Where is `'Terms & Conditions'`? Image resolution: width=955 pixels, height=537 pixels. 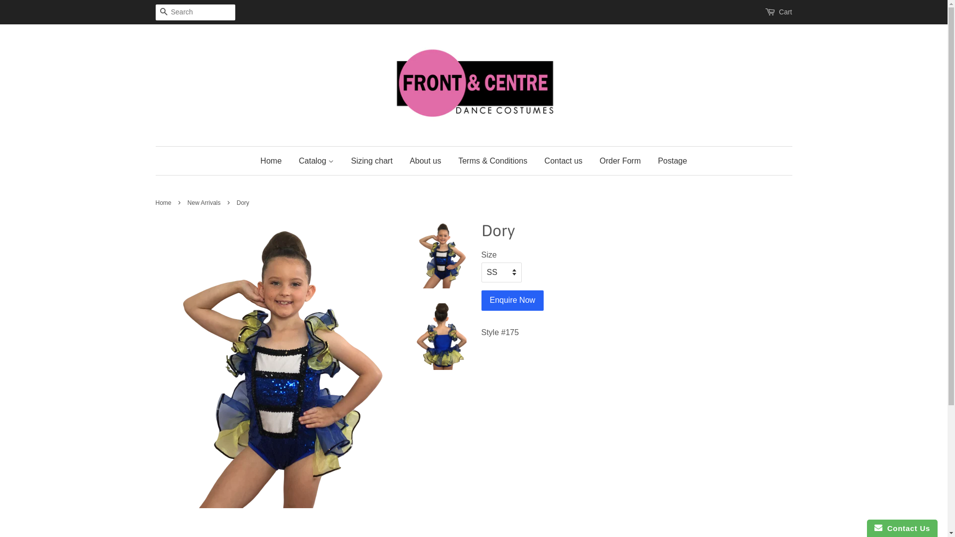
'Terms & Conditions' is located at coordinates (492, 160).